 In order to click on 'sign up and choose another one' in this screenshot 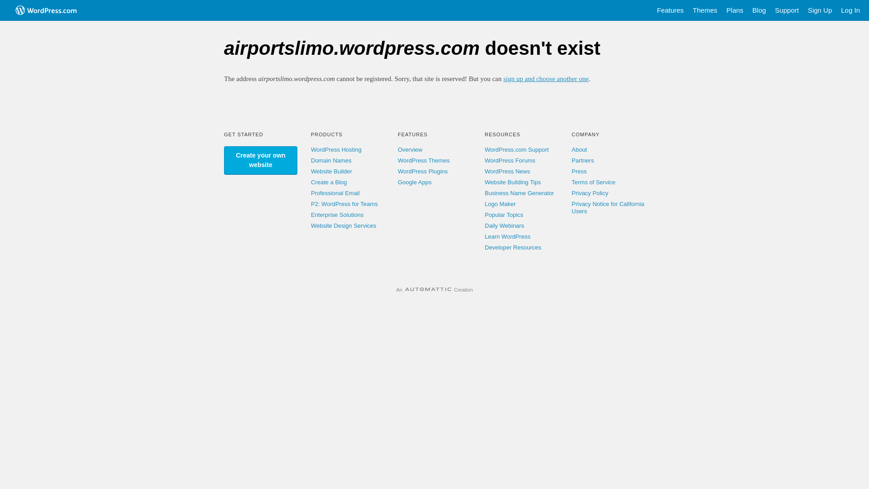, I will do `click(545, 78)`.